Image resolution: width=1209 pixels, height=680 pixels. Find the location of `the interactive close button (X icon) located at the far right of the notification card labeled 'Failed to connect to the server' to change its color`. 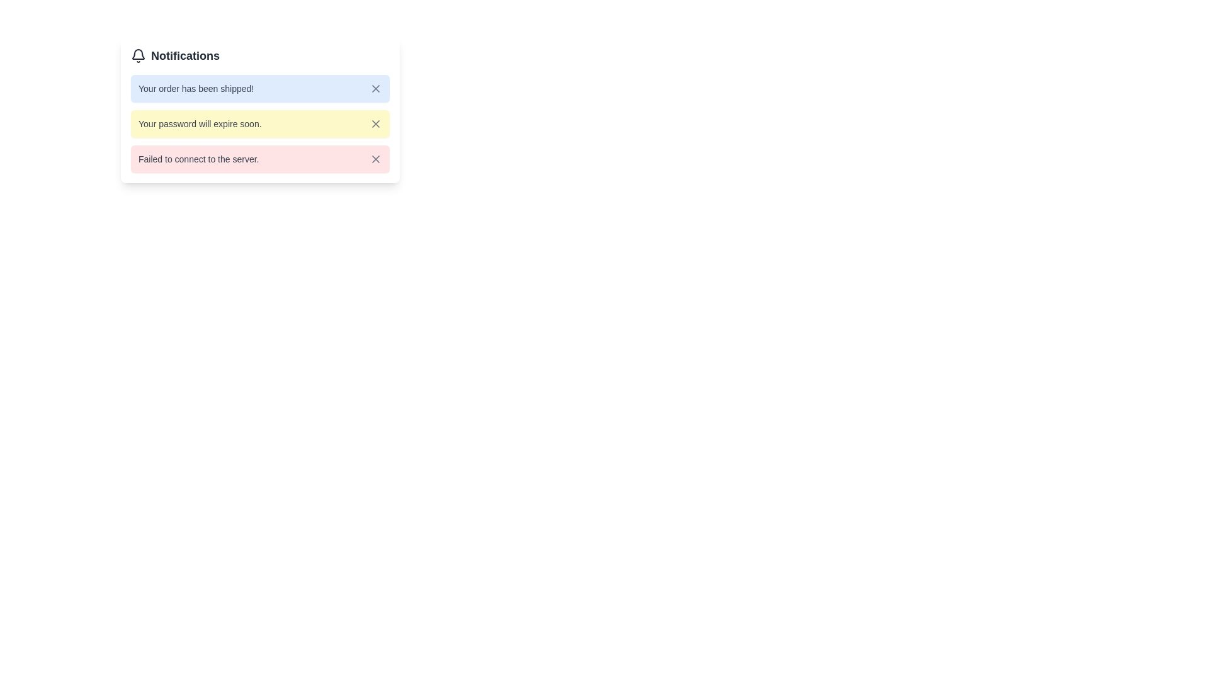

the interactive close button (X icon) located at the far right of the notification card labeled 'Failed to connect to the server' to change its color is located at coordinates (375, 159).